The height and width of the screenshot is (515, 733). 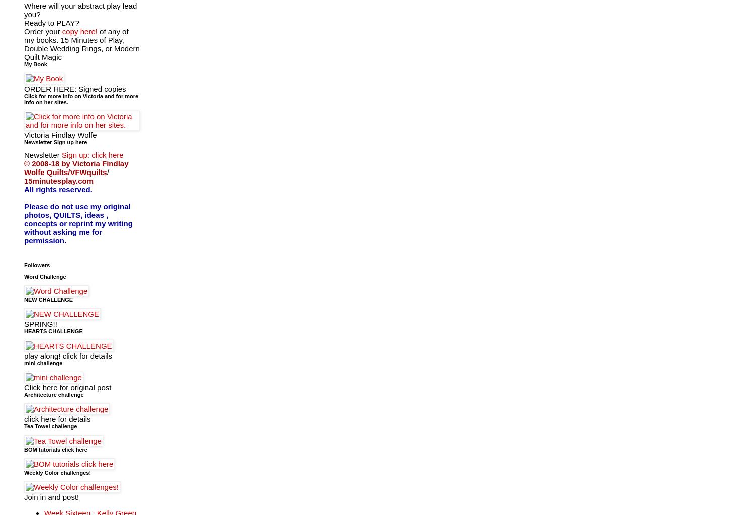 What do you see at coordinates (75, 167) in the screenshot?
I see `'2008-18 by Victoria Findlay Wolfe Quilts/VFWquilts'` at bounding box center [75, 167].